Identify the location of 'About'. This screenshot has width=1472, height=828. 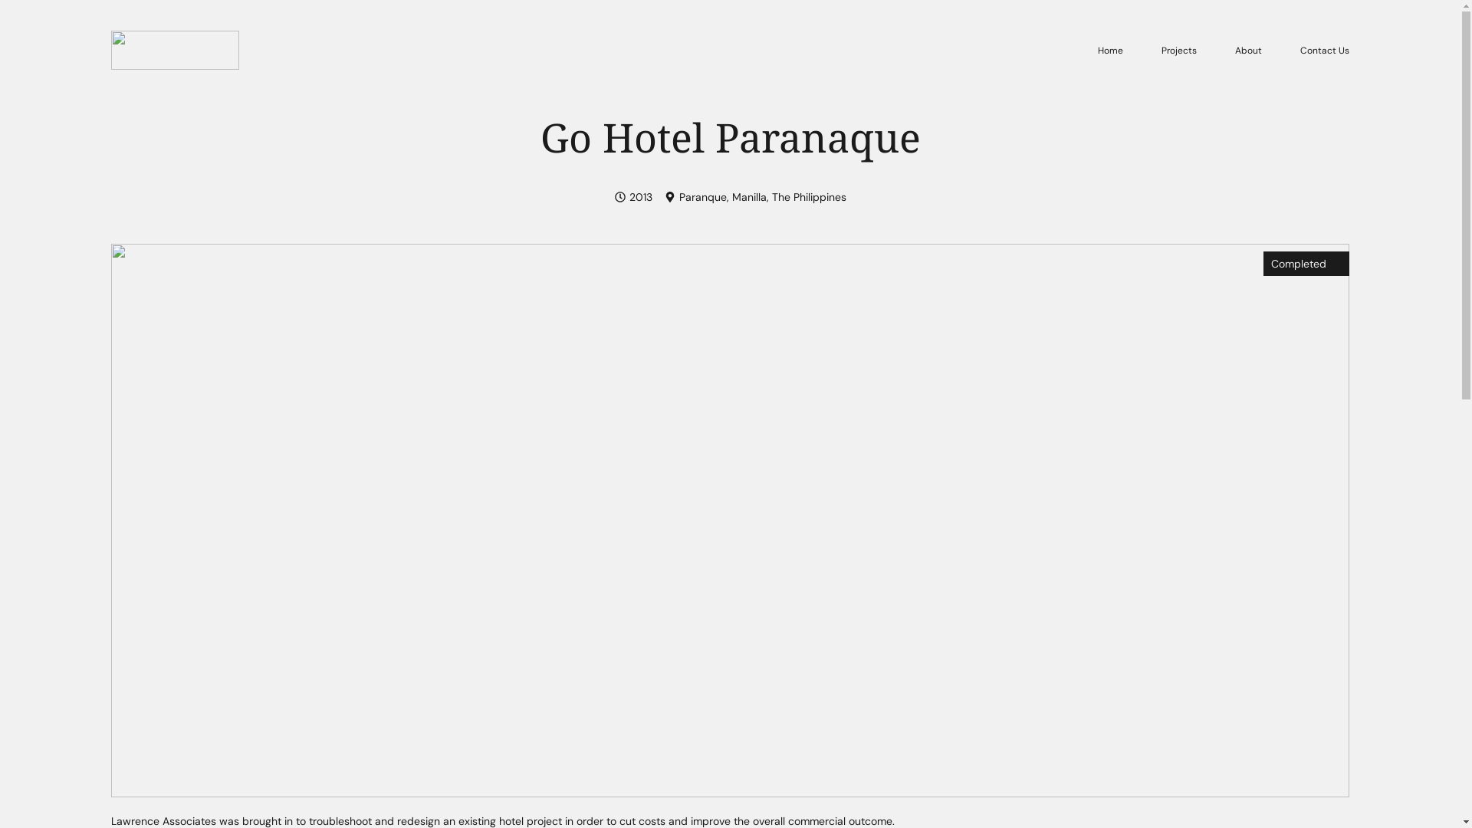
(1248, 49).